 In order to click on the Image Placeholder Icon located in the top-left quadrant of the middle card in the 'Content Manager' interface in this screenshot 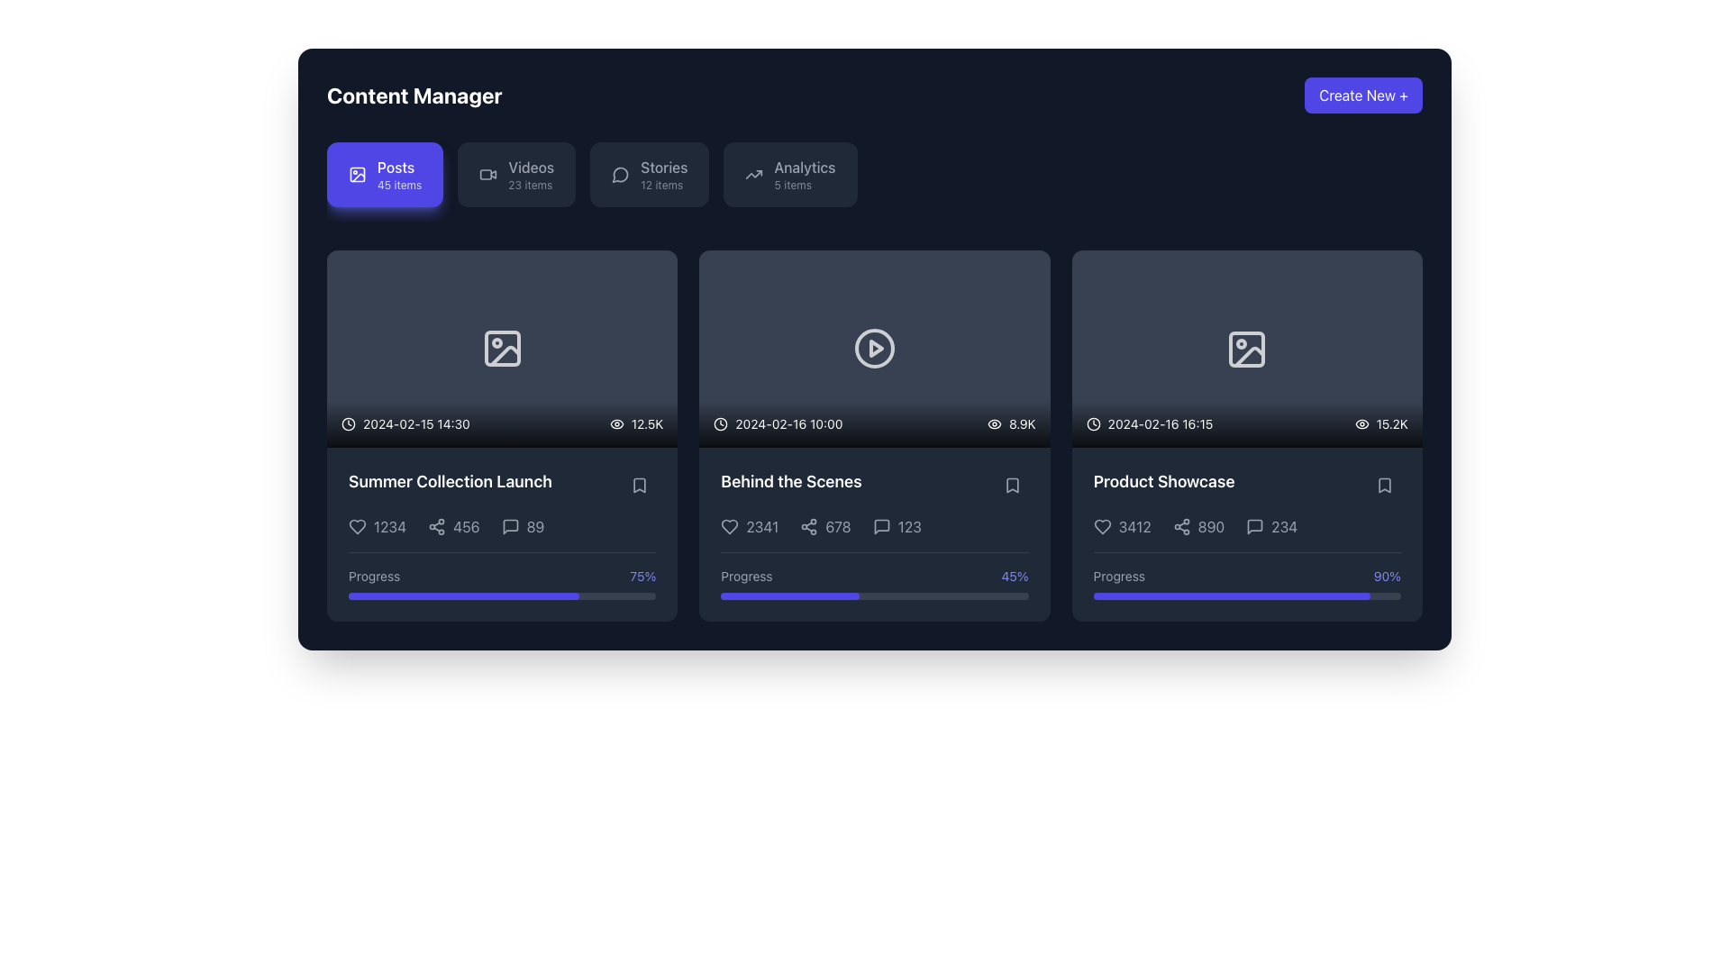, I will do `click(502, 349)`.